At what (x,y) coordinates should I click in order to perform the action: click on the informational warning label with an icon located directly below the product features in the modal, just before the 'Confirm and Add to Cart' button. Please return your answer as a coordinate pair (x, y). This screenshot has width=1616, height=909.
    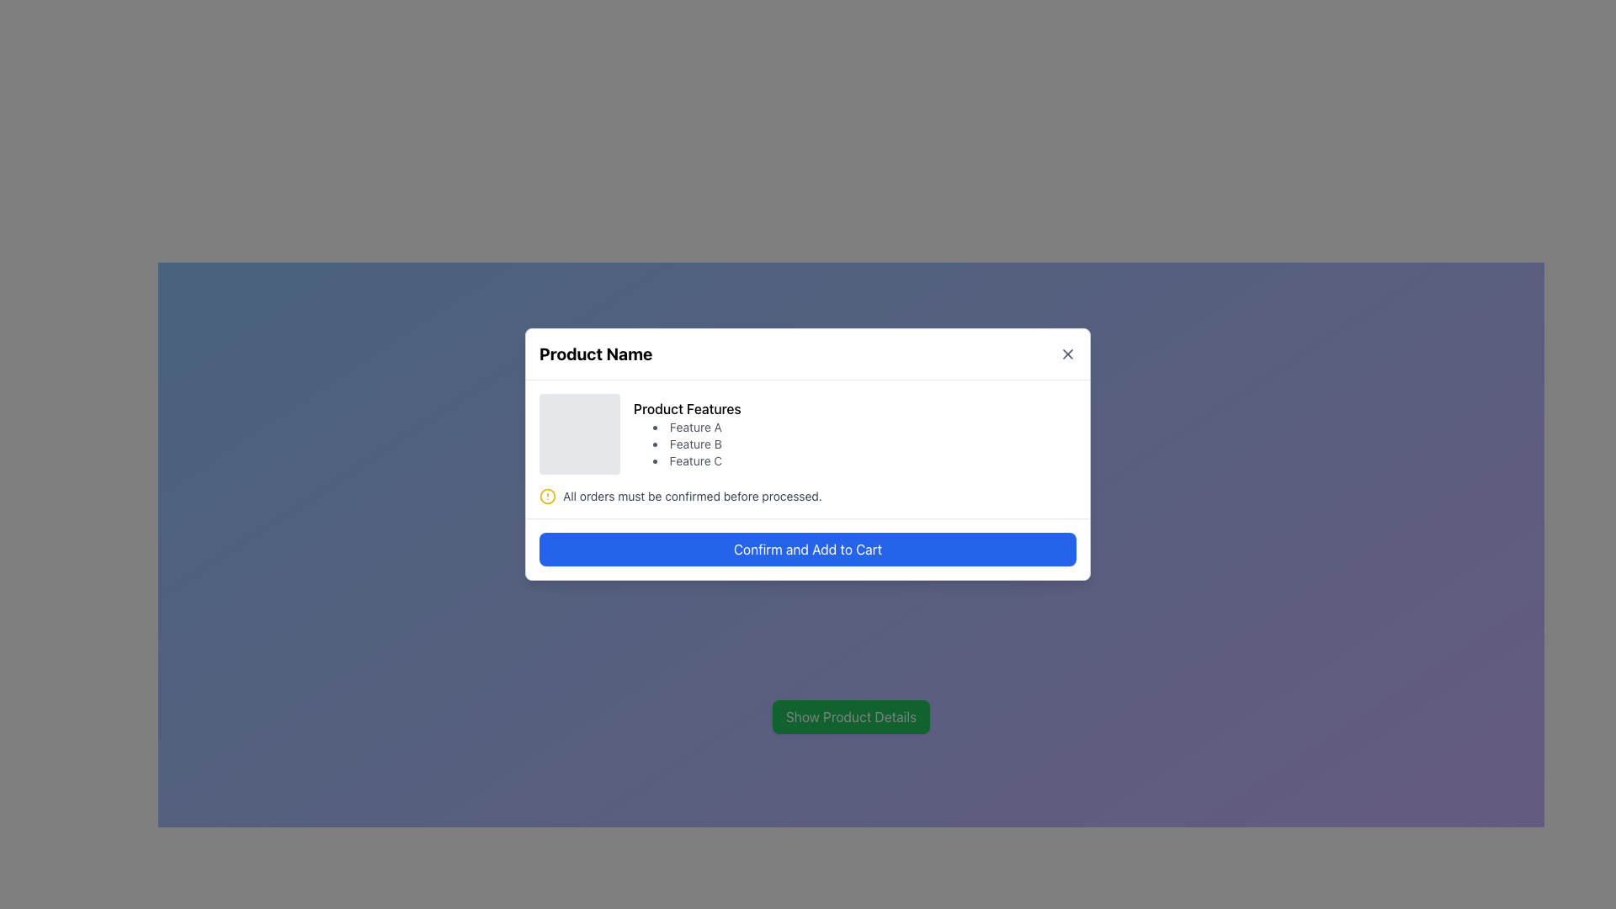
    Looking at the image, I should click on (808, 496).